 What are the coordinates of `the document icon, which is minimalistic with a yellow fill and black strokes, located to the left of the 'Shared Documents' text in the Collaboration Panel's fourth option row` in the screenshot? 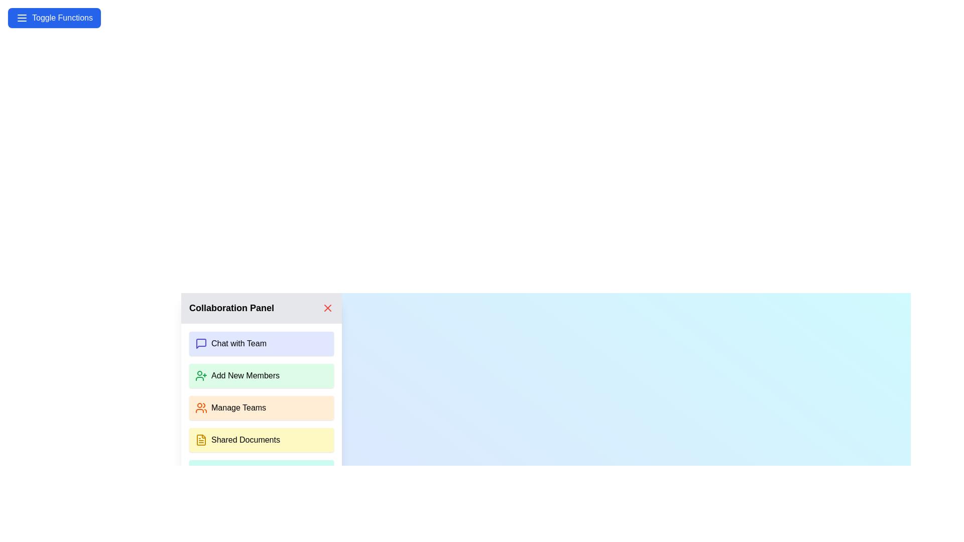 It's located at (201, 439).